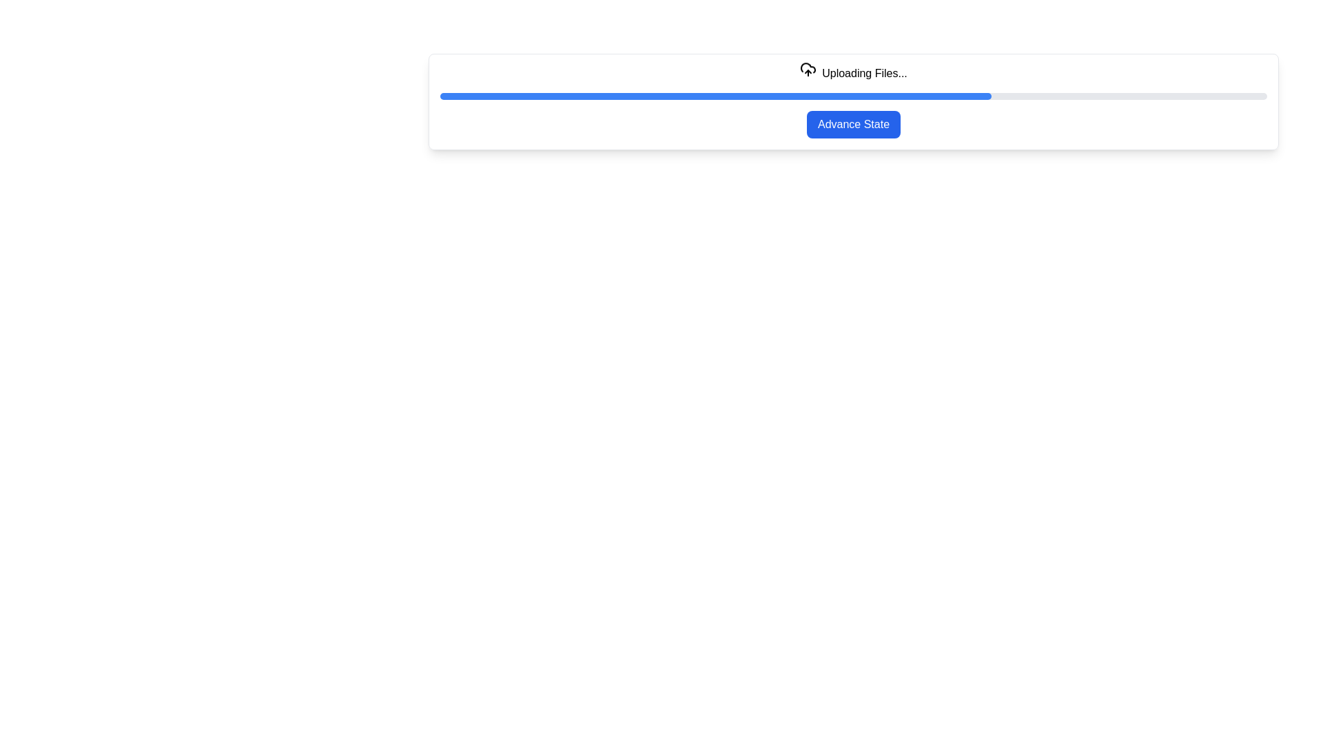  What do you see at coordinates (852, 125) in the screenshot?
I see `the 'Advance State' button, which is a blue rectangular button with white text, located below the 'Uploading Files...' text and aligned with the horizontal progress bar` at bounding box center [852, 125].